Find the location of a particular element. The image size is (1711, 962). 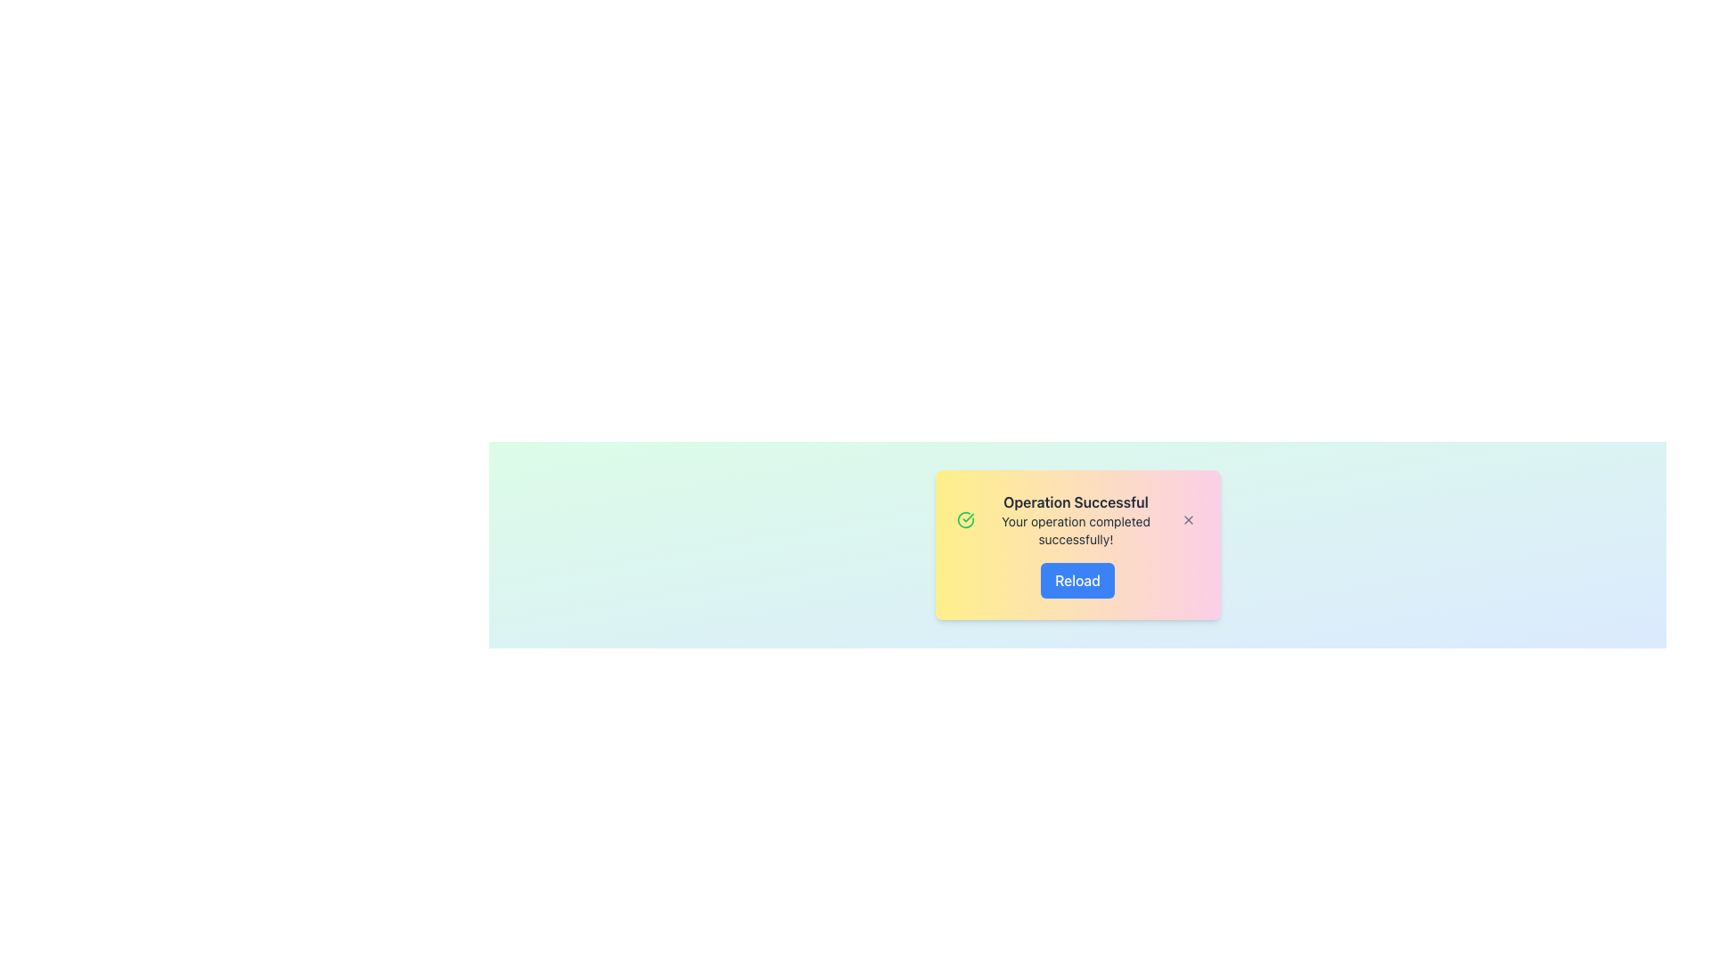

the close button located in the top right corner of the yellow notification box that contains the text 'Operation Successful' is located at coordinates (1188, 519).